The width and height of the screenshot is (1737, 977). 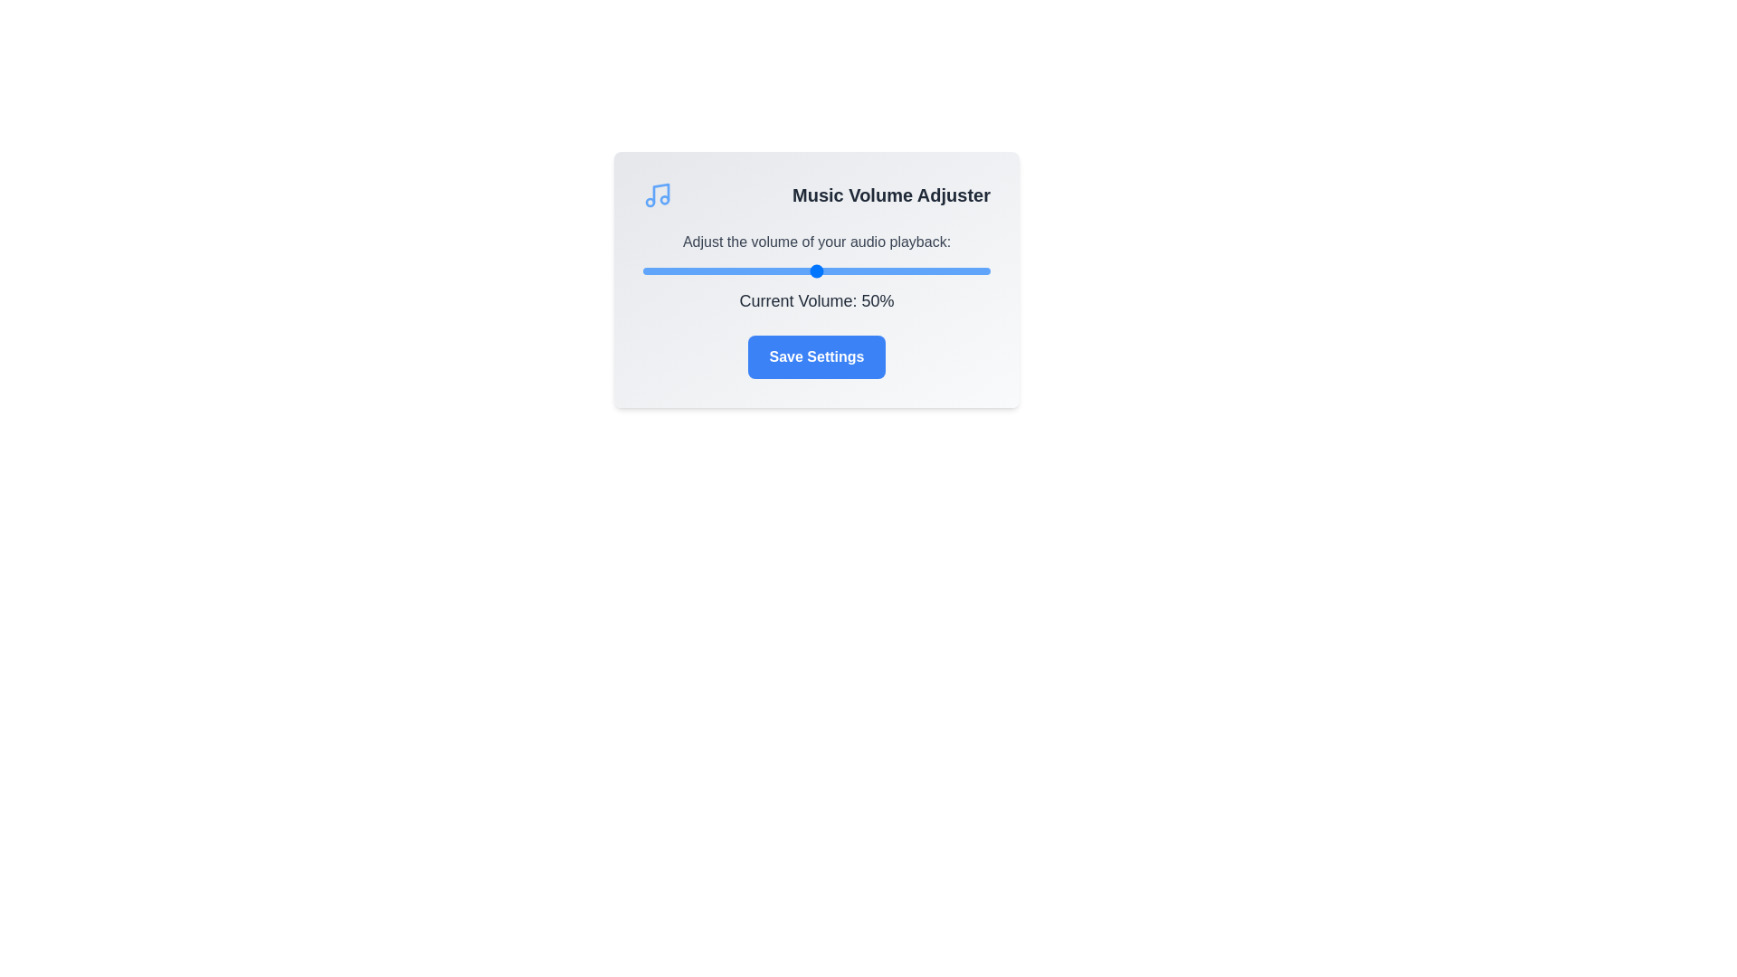 I want to click on the volume slider to 3%, so click(x=652, y=271).